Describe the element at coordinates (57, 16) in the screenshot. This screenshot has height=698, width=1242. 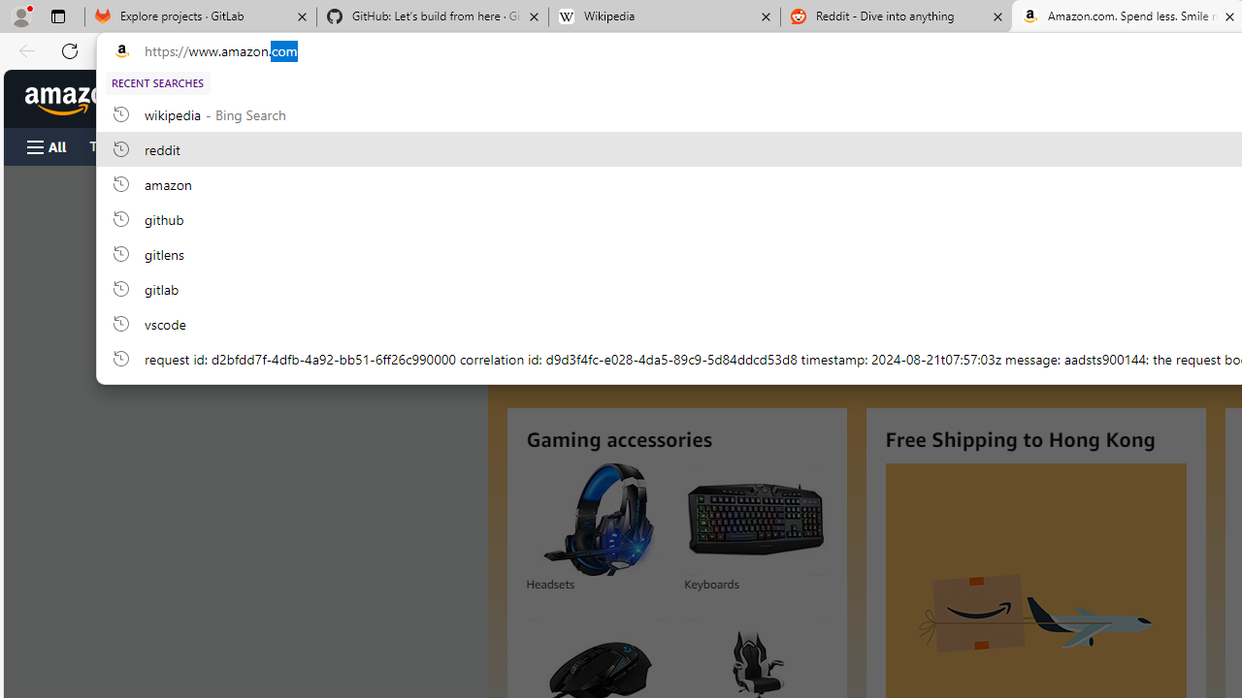
I see `'Tab actions menu'` at that location.